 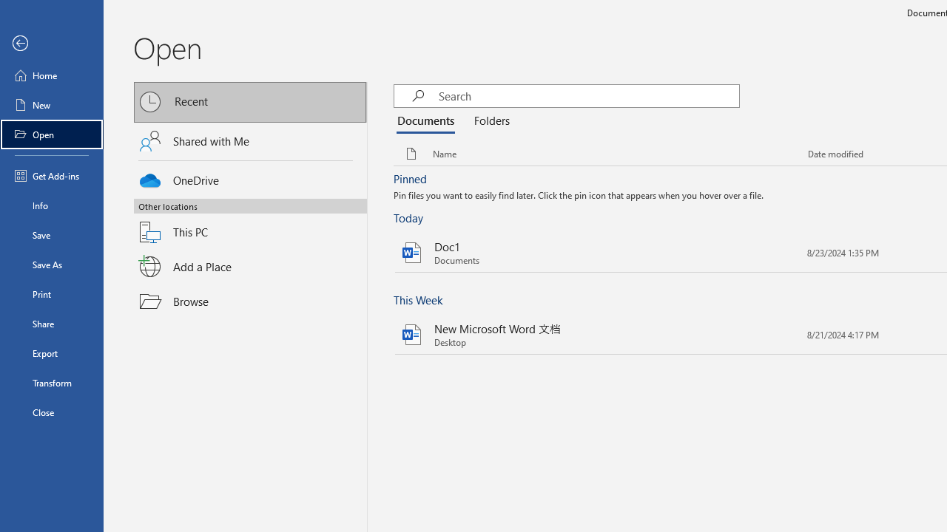 I want to click on 'Add a Place', so click(x=250, y=267).